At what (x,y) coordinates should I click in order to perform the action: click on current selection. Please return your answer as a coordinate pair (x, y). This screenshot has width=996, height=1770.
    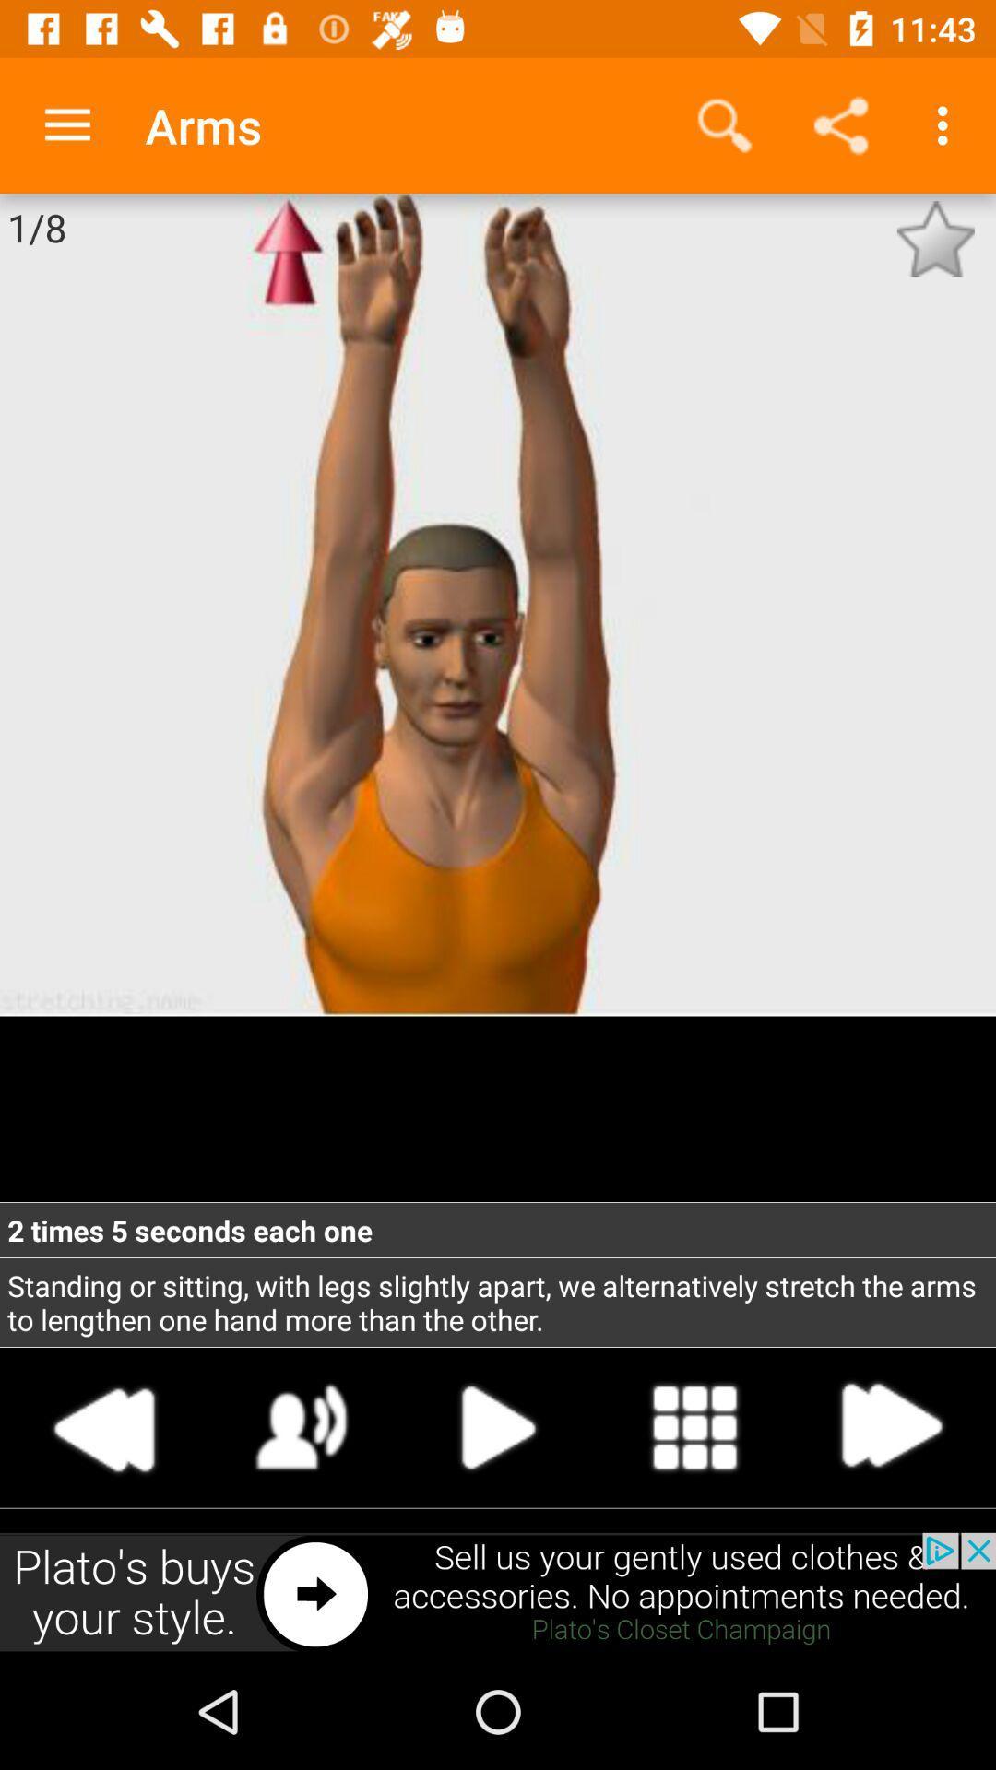
    Looking at the image, I should click on (498, 1426).